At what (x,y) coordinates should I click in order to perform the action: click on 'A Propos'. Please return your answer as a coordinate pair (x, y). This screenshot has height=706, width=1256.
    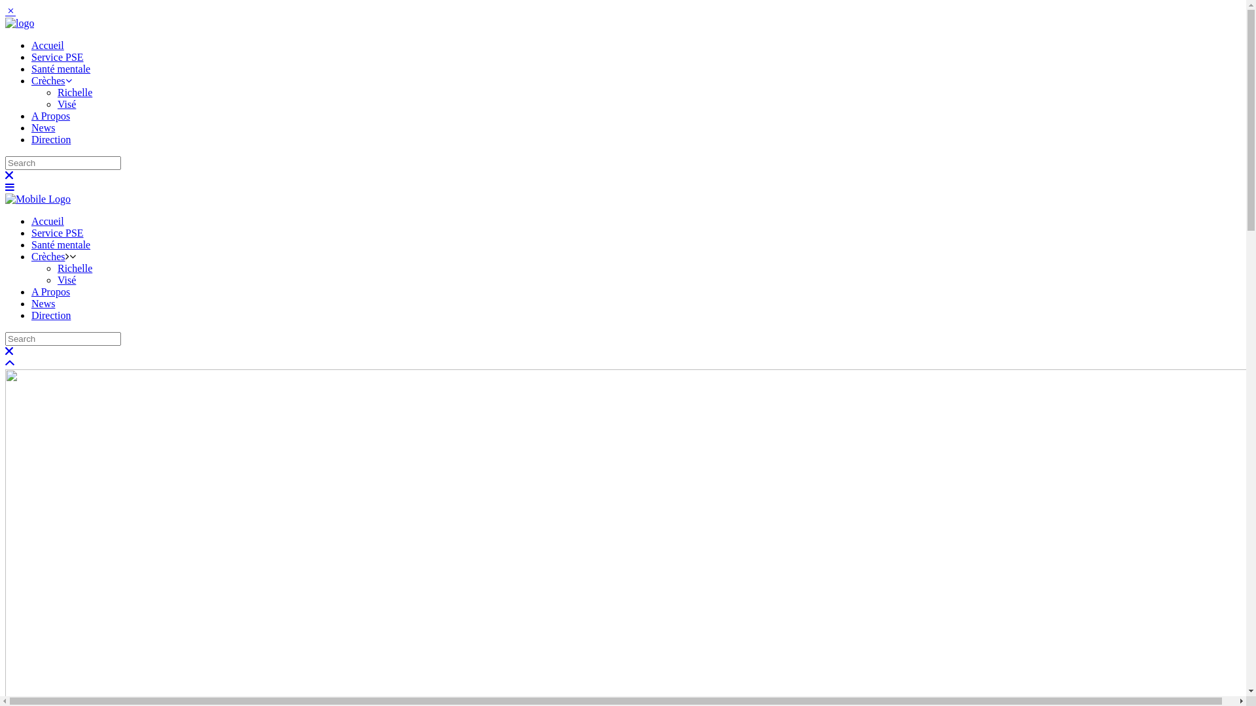
    Looking at the image, I should click on (31, 291).